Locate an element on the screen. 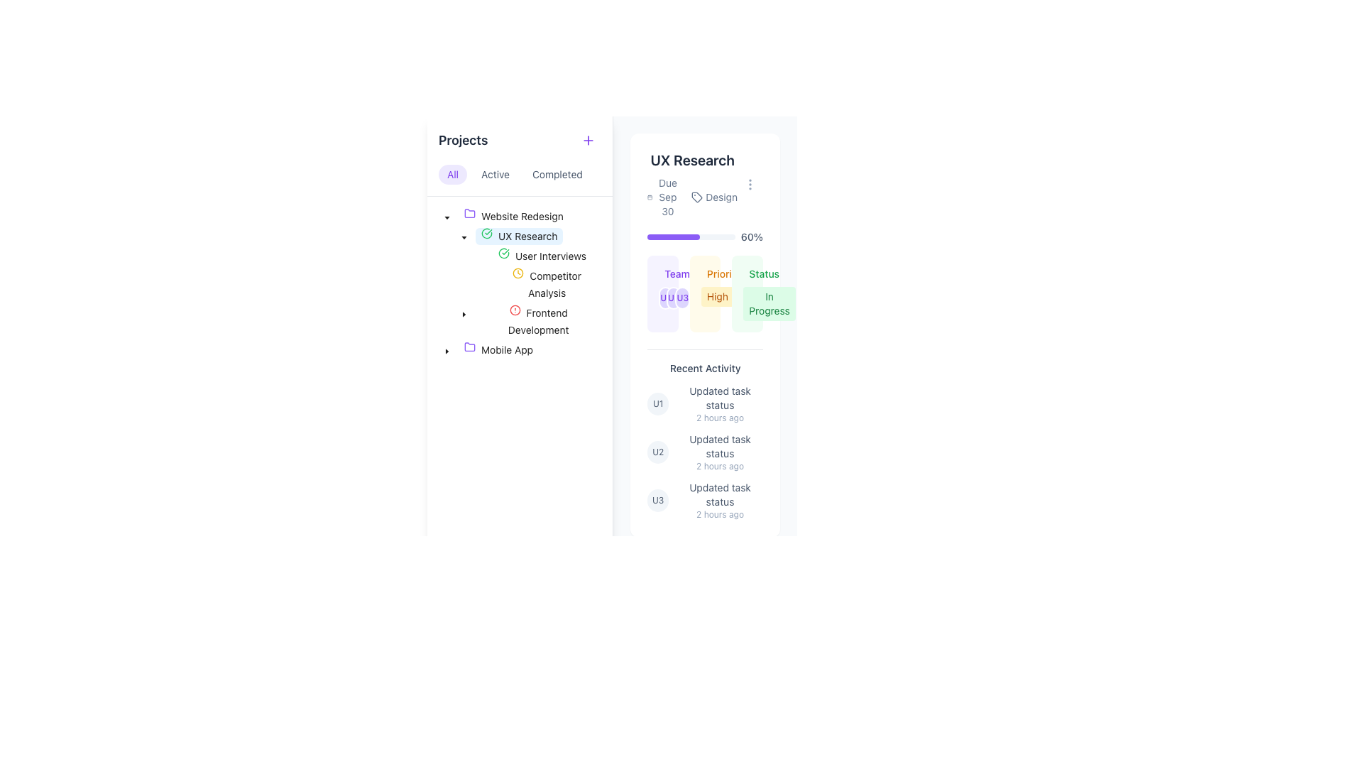 This screenshot has width=1363, height=767. the folder icon representing the 'Website Redesign' project in the project management menu is located at coordinates (473, 216).